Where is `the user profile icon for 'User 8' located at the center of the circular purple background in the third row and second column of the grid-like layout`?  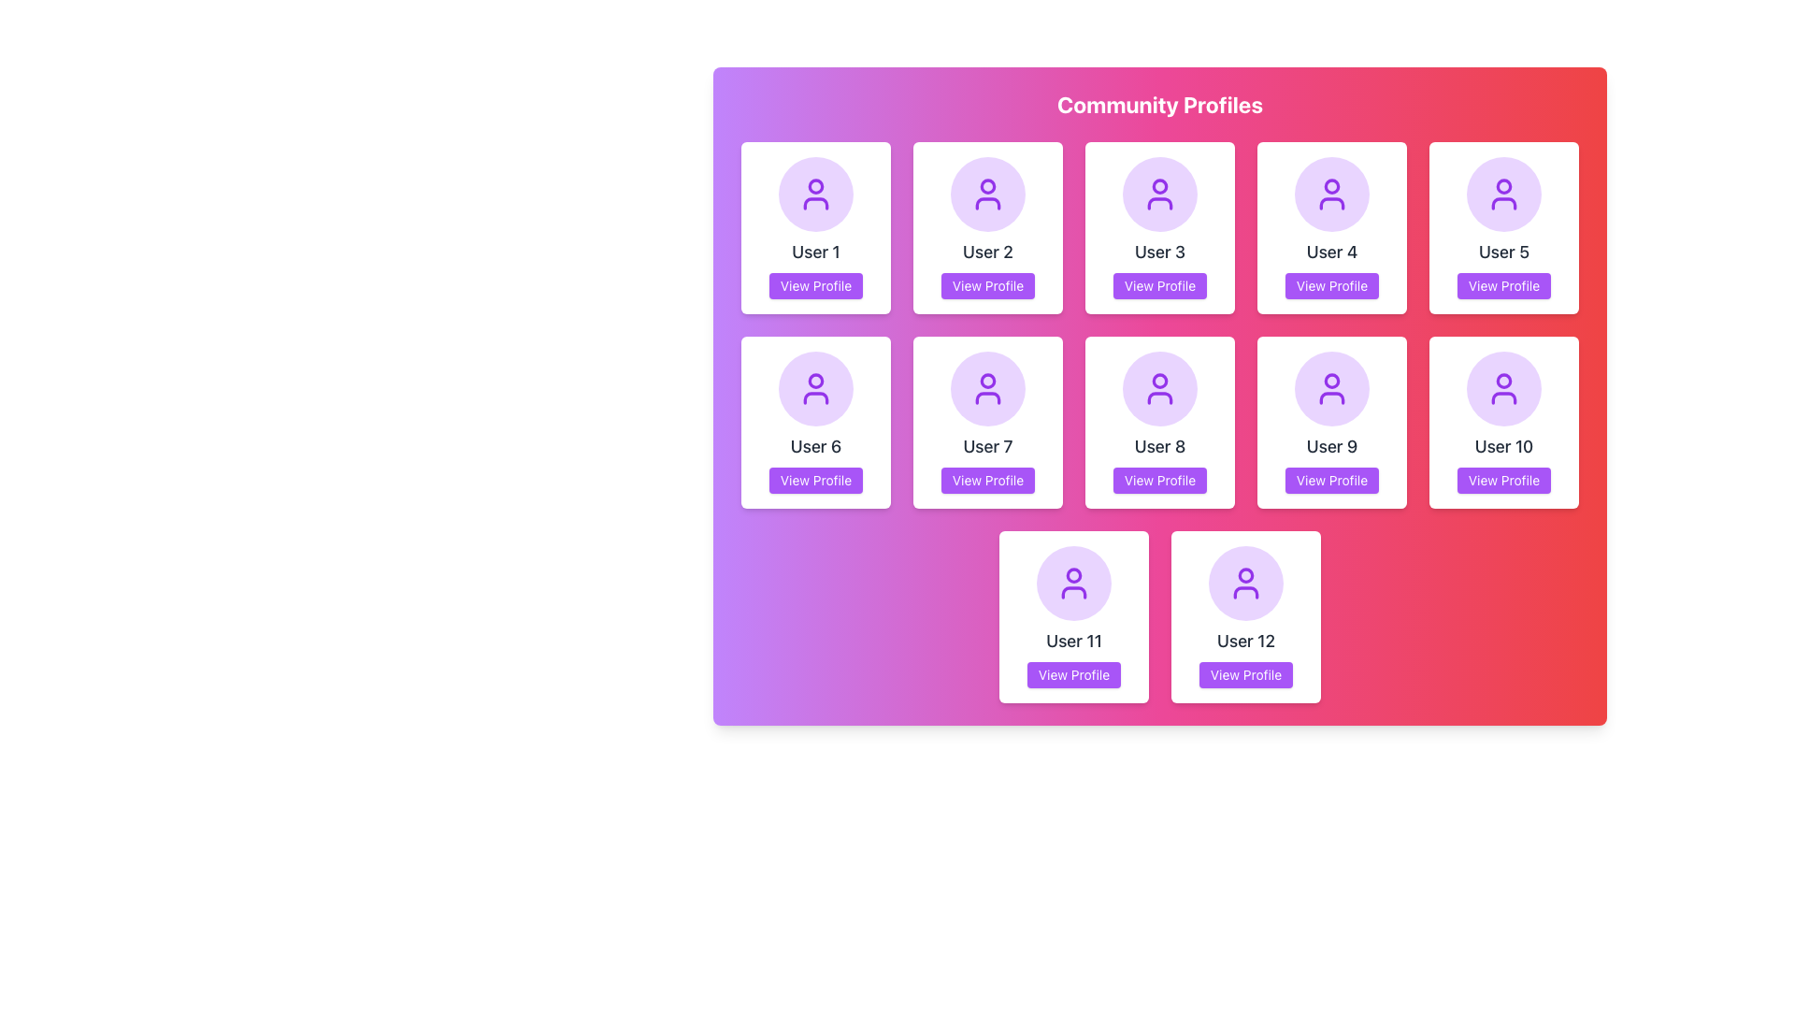 the user profile icon for 'User 8' located at the center of the circular purple background in the third row and second column of the grid-like layout is located at coordinates (1159, 388).